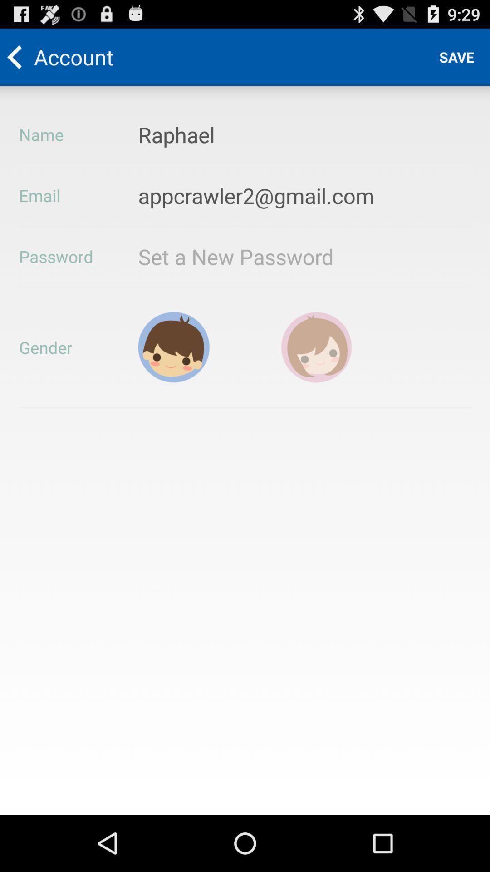 The image size is (490, 872). Describe the element at coordinates (174, 347) in the screenshot. I see `small picture for male gender` at that location.